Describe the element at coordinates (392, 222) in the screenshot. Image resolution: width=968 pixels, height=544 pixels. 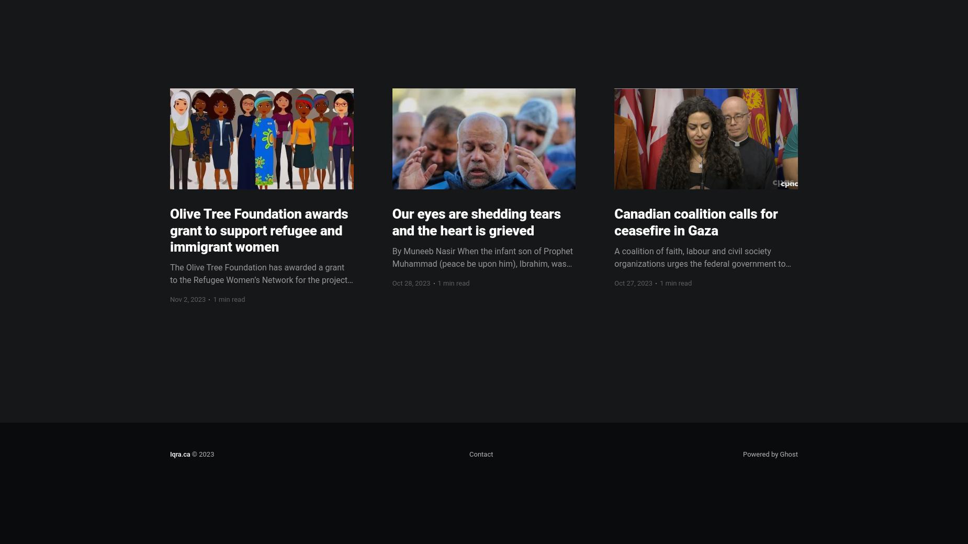
I see `'Our eyes are shedding tears and the heart is grieved'` at that location.